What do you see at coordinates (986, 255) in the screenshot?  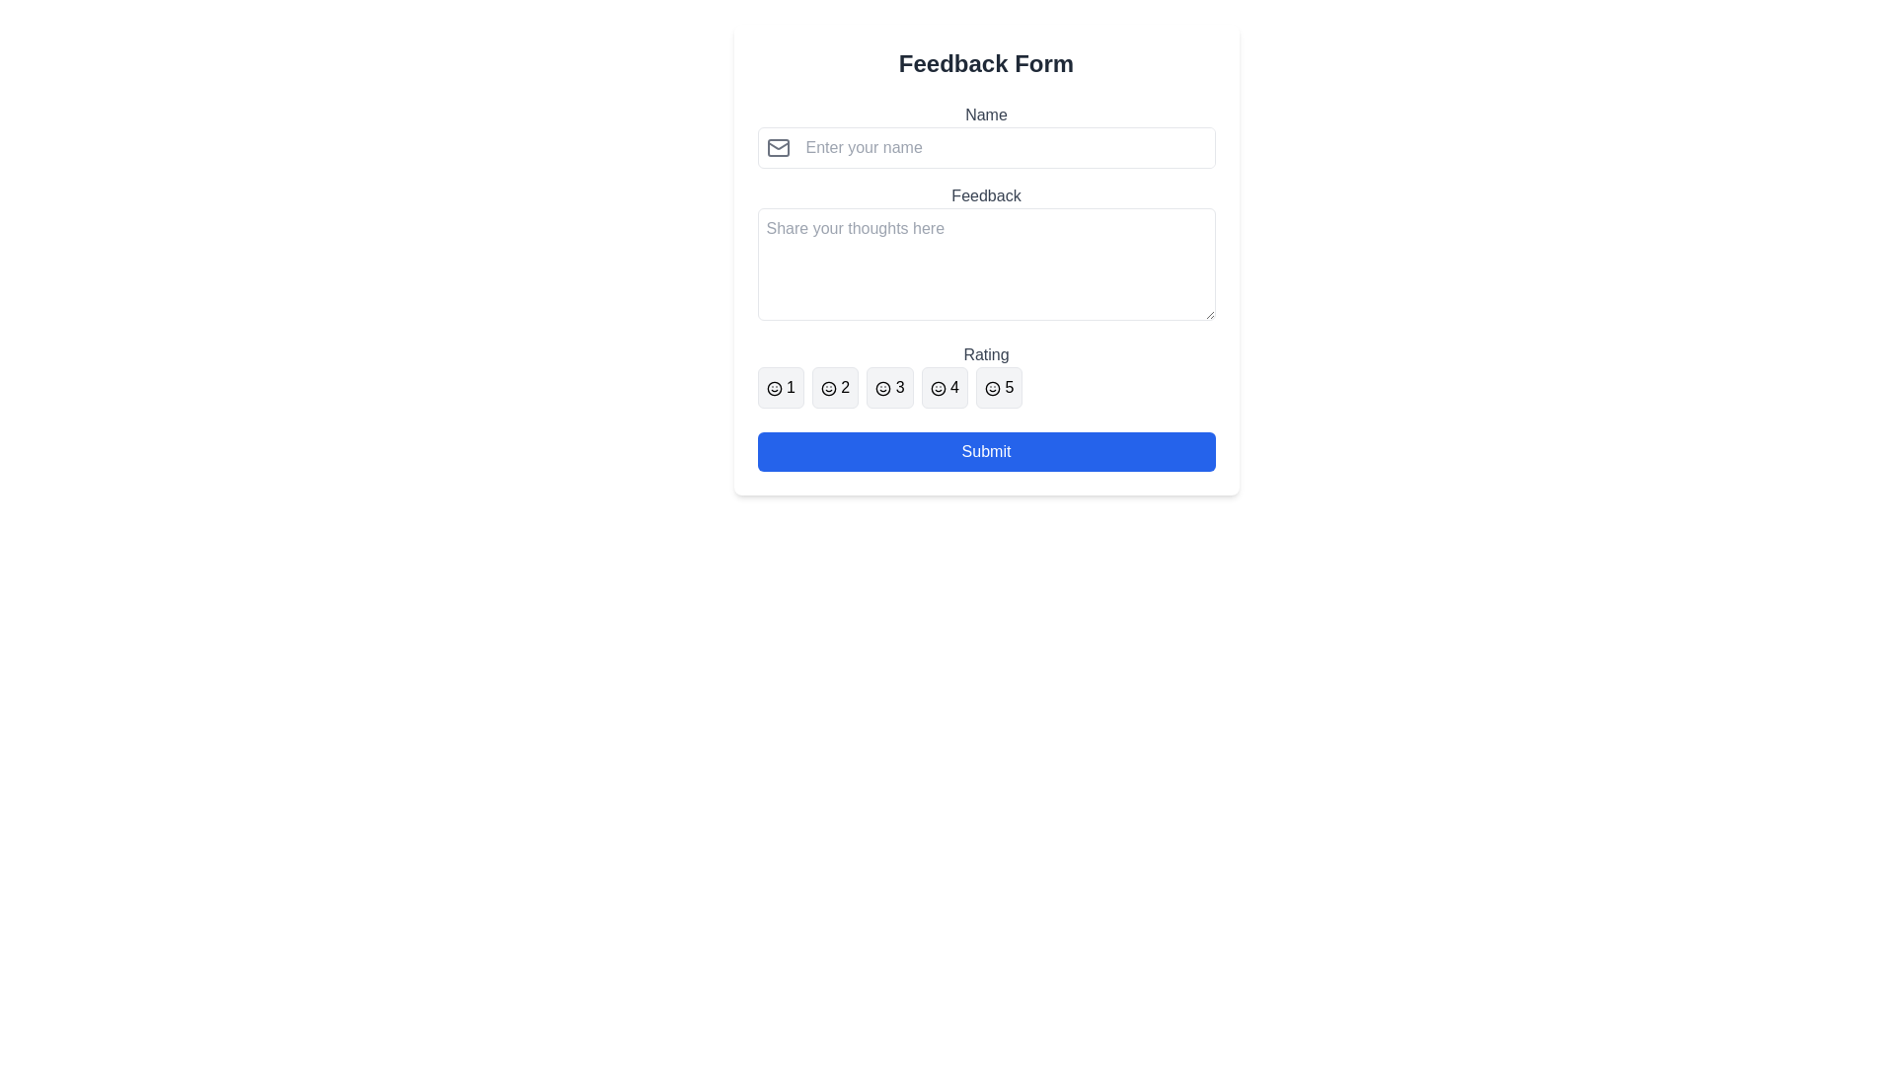 I see `the feedback form input section located centrally just below the title 'Feedback Form', which consists of 'Name', 'Feedback', and 'Rating' sub-sections` at bounding box center [986, 255].